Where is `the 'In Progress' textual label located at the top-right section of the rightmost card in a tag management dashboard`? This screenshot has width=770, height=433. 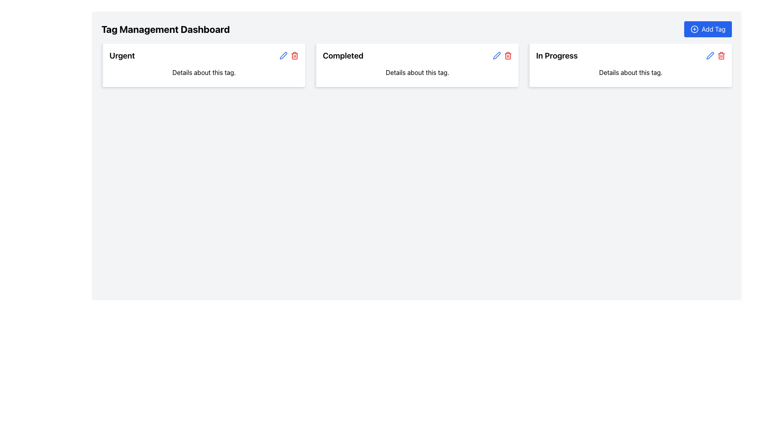
the 'In Progress' textual label located at the top-right section of the rightmost card in a tag management dashboard is located at coordinates (556, 55).